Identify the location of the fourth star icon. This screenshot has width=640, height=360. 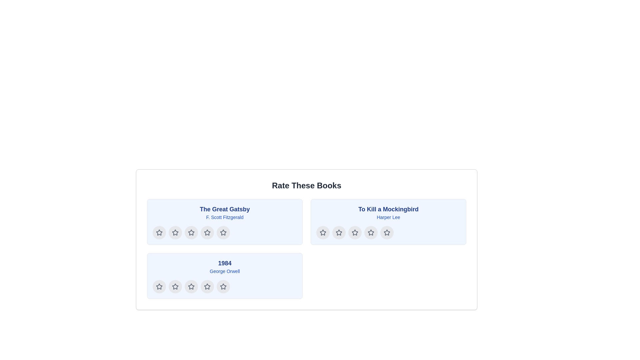
(225, 286).